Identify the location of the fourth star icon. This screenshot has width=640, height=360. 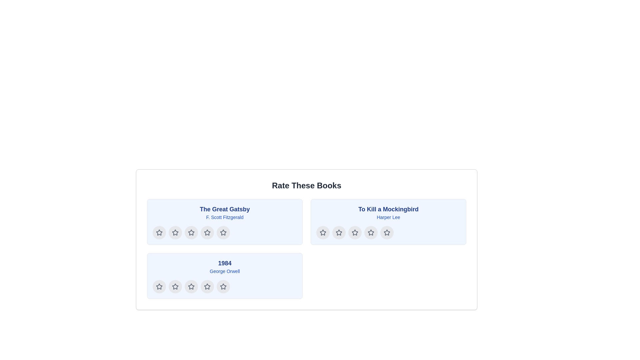
(225, 286).